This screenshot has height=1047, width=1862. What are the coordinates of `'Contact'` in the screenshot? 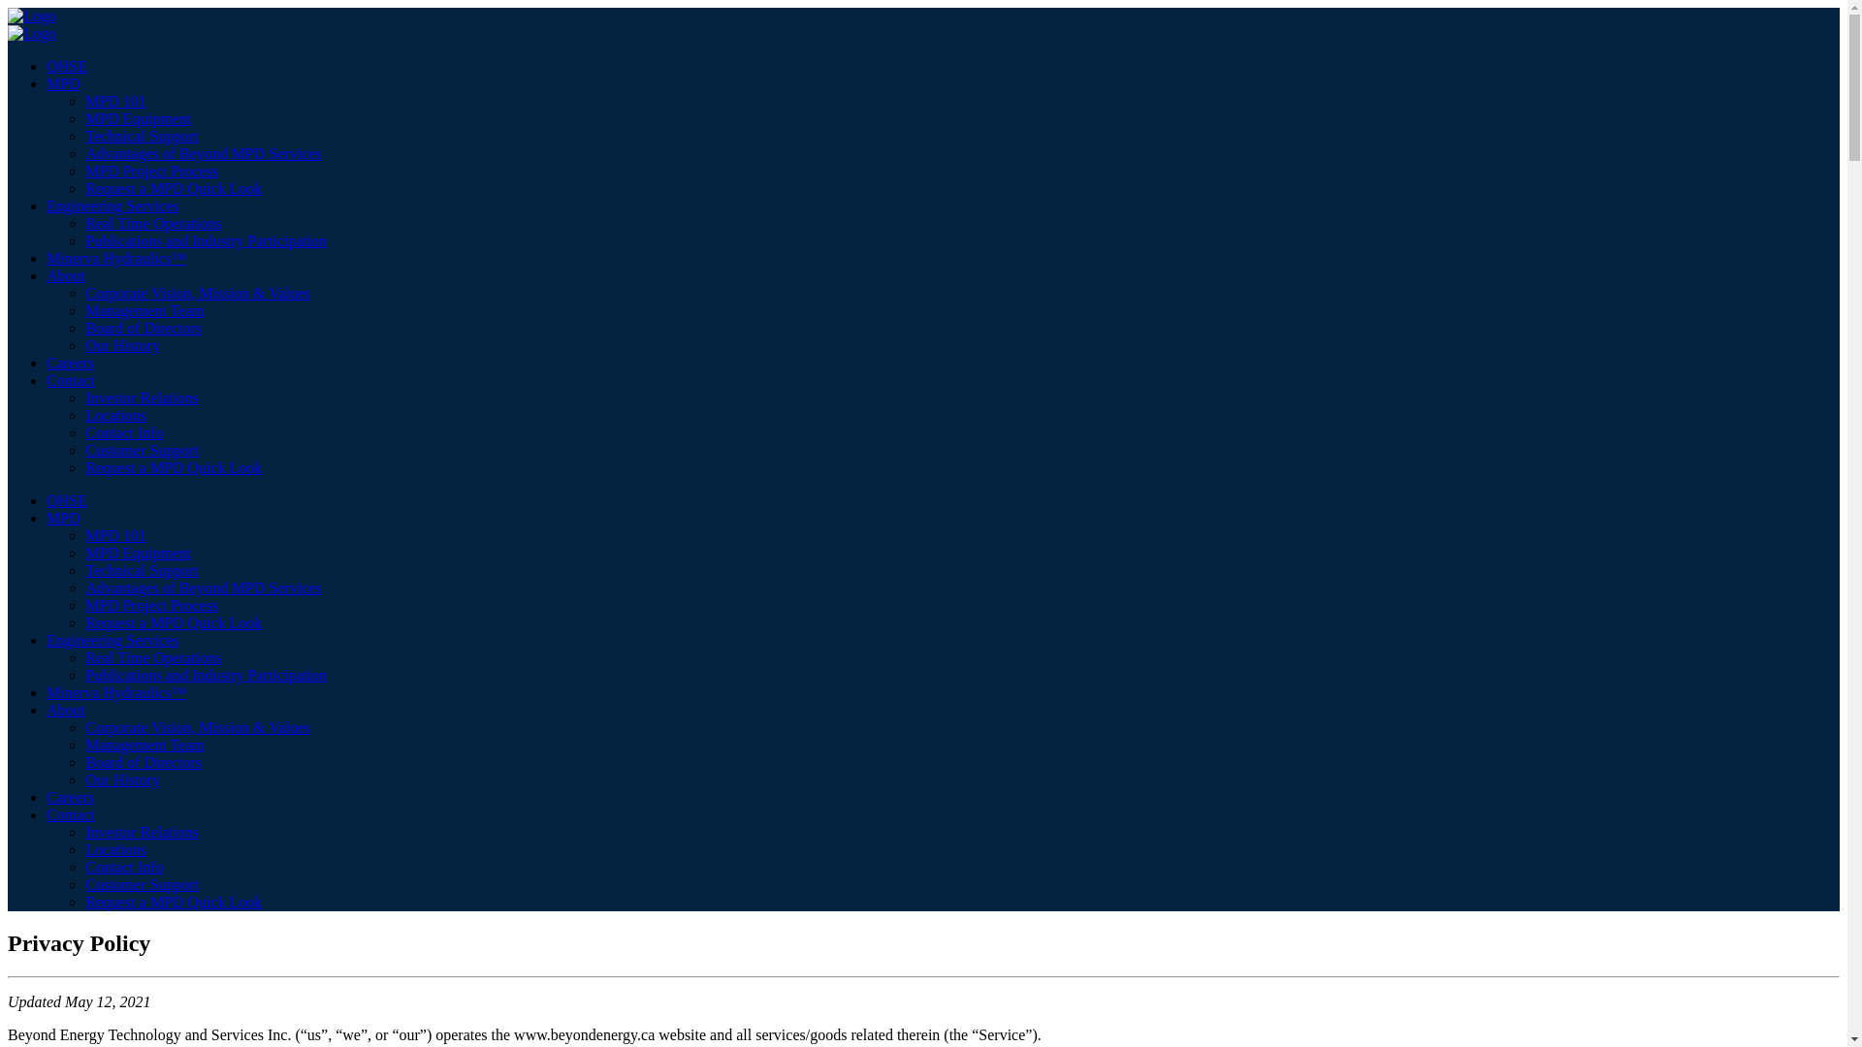 It's located at (70, 380).